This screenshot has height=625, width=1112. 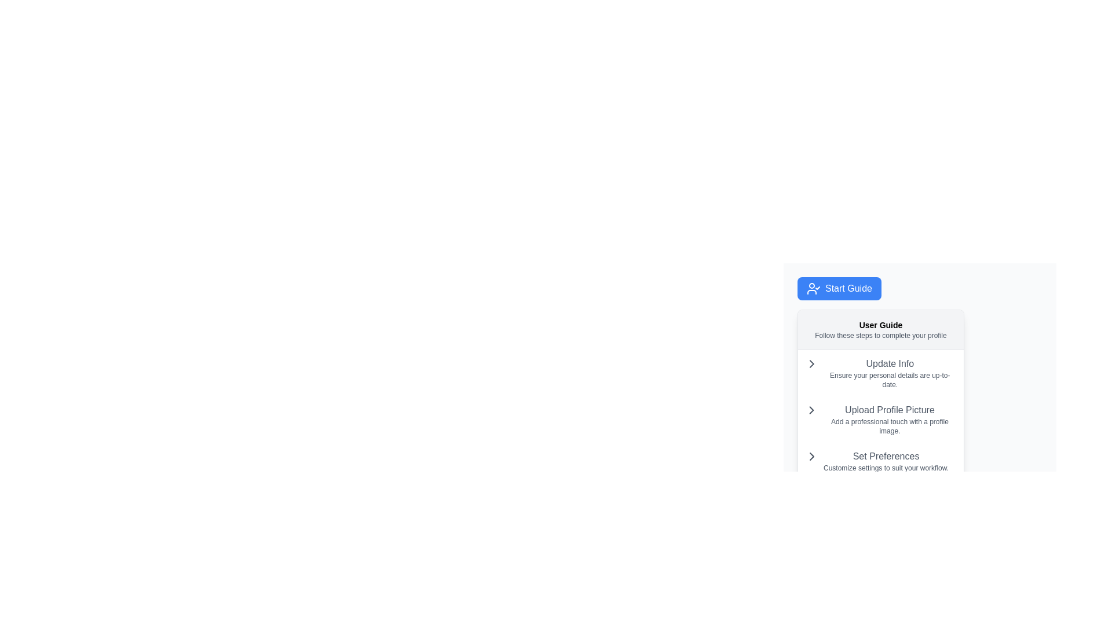 What do you see at coordinates (880, 335) in the screenshot?
I see `the static text that reads 'Follow these steps to complete your profile,' which is located below the 'User Guide' heading in the upper-right section of the interface` at bounding box center [880, 335].